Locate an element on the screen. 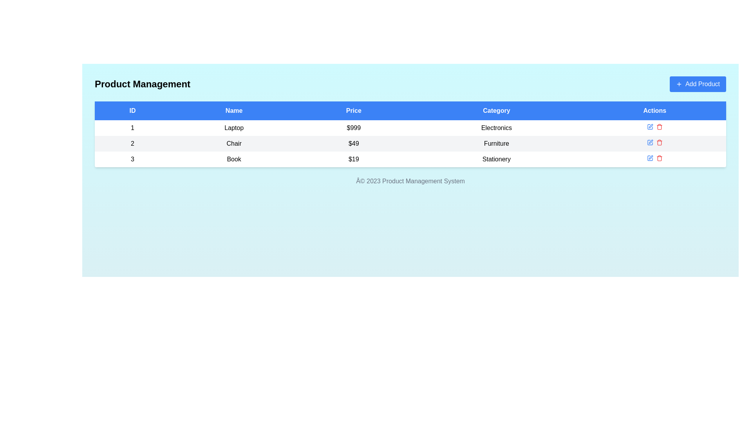 The width and height of the screenshot is (752, 423). the 'Edit' icon located is located at coordinates (650, 158).